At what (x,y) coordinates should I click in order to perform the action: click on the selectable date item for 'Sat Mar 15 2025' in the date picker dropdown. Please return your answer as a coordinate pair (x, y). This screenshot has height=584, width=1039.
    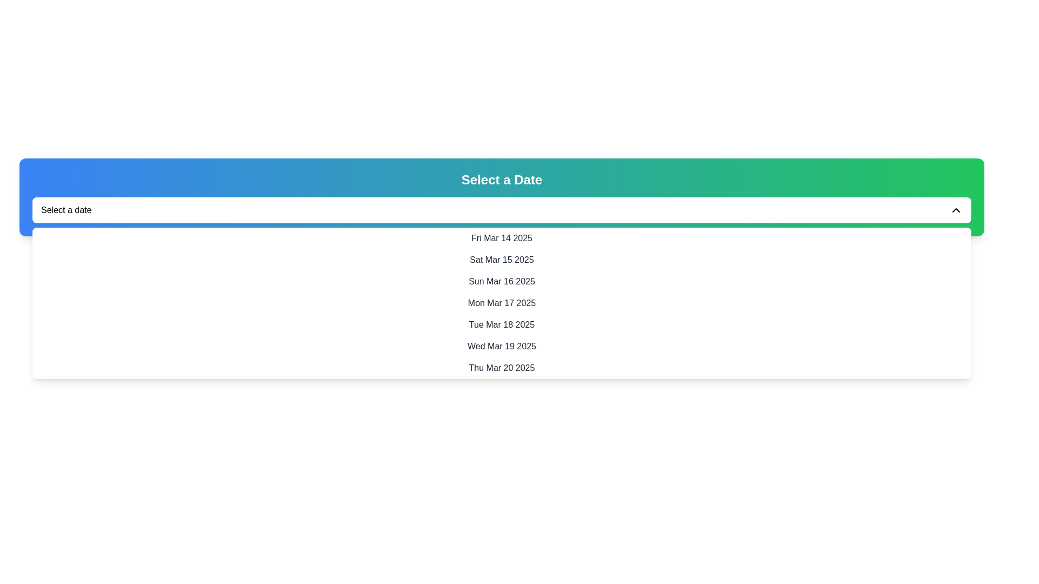
    Looking at the image, I should click on (501, 260).